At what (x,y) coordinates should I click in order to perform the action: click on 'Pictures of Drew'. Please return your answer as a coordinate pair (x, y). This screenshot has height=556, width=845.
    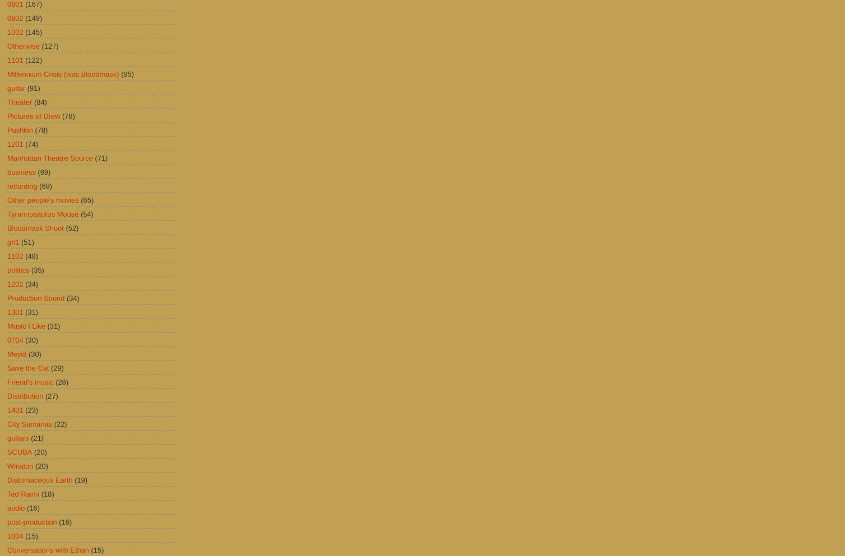
    Looking at the image, I should click on (34, 115).